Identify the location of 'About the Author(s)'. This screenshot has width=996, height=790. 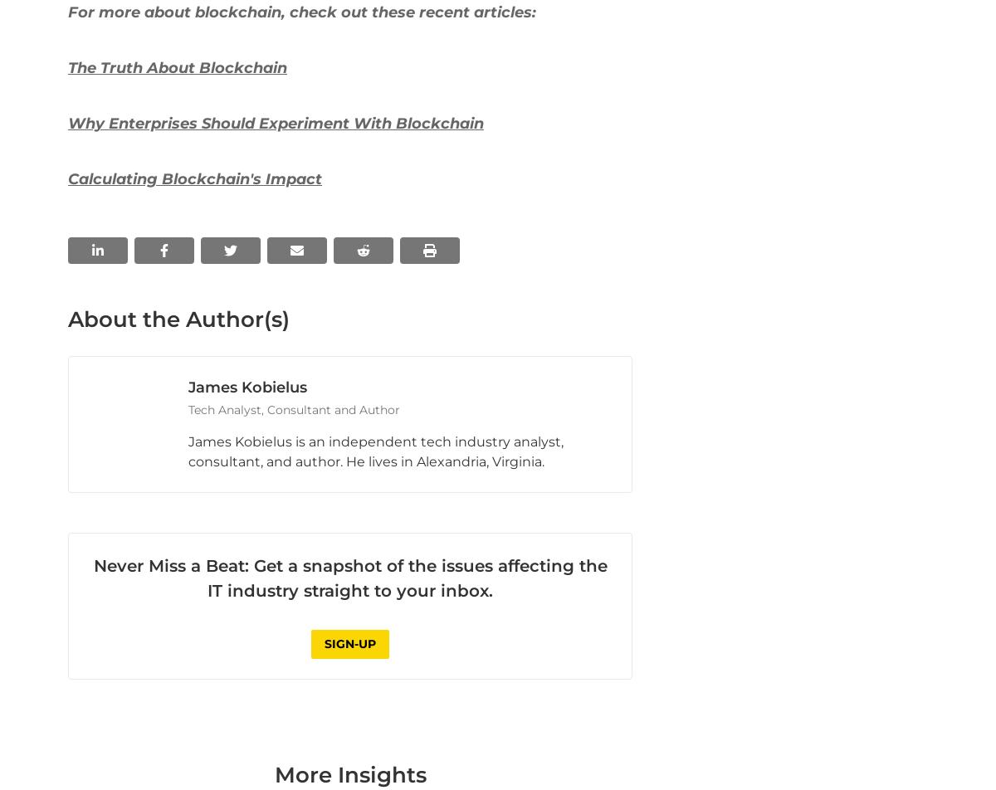
(178, 622).